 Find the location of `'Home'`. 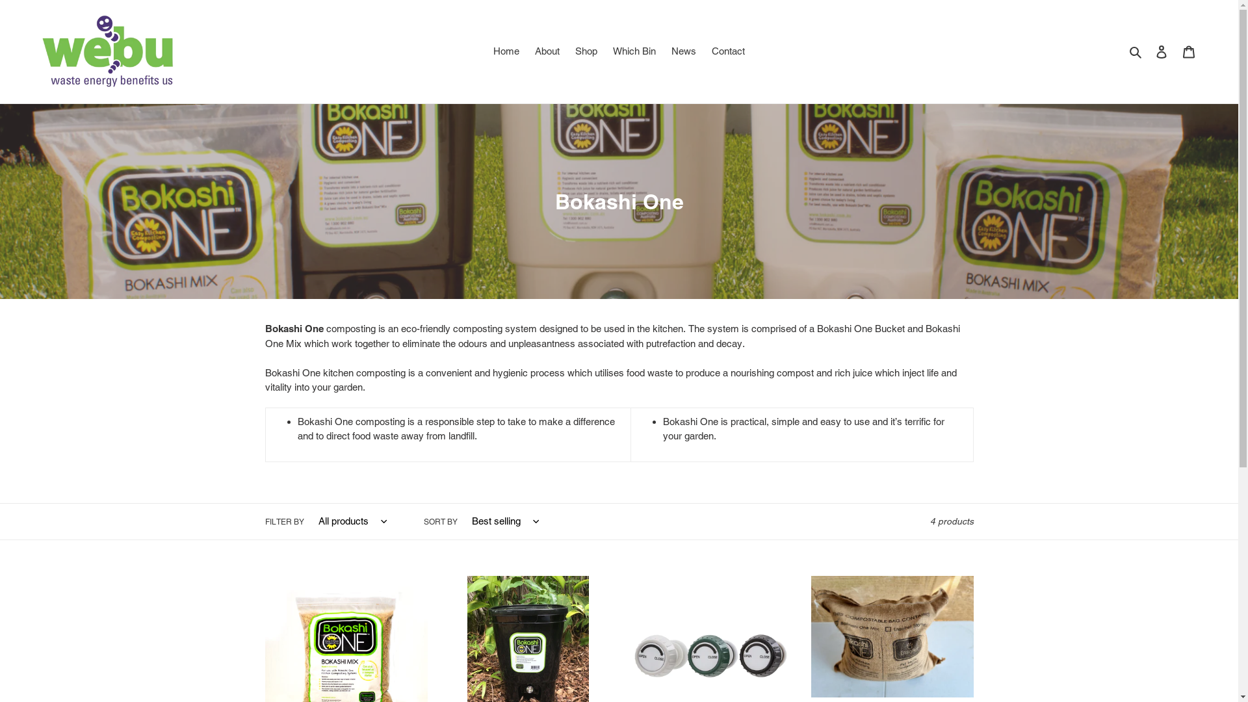

'Home' is located at coordinates (505, 51).